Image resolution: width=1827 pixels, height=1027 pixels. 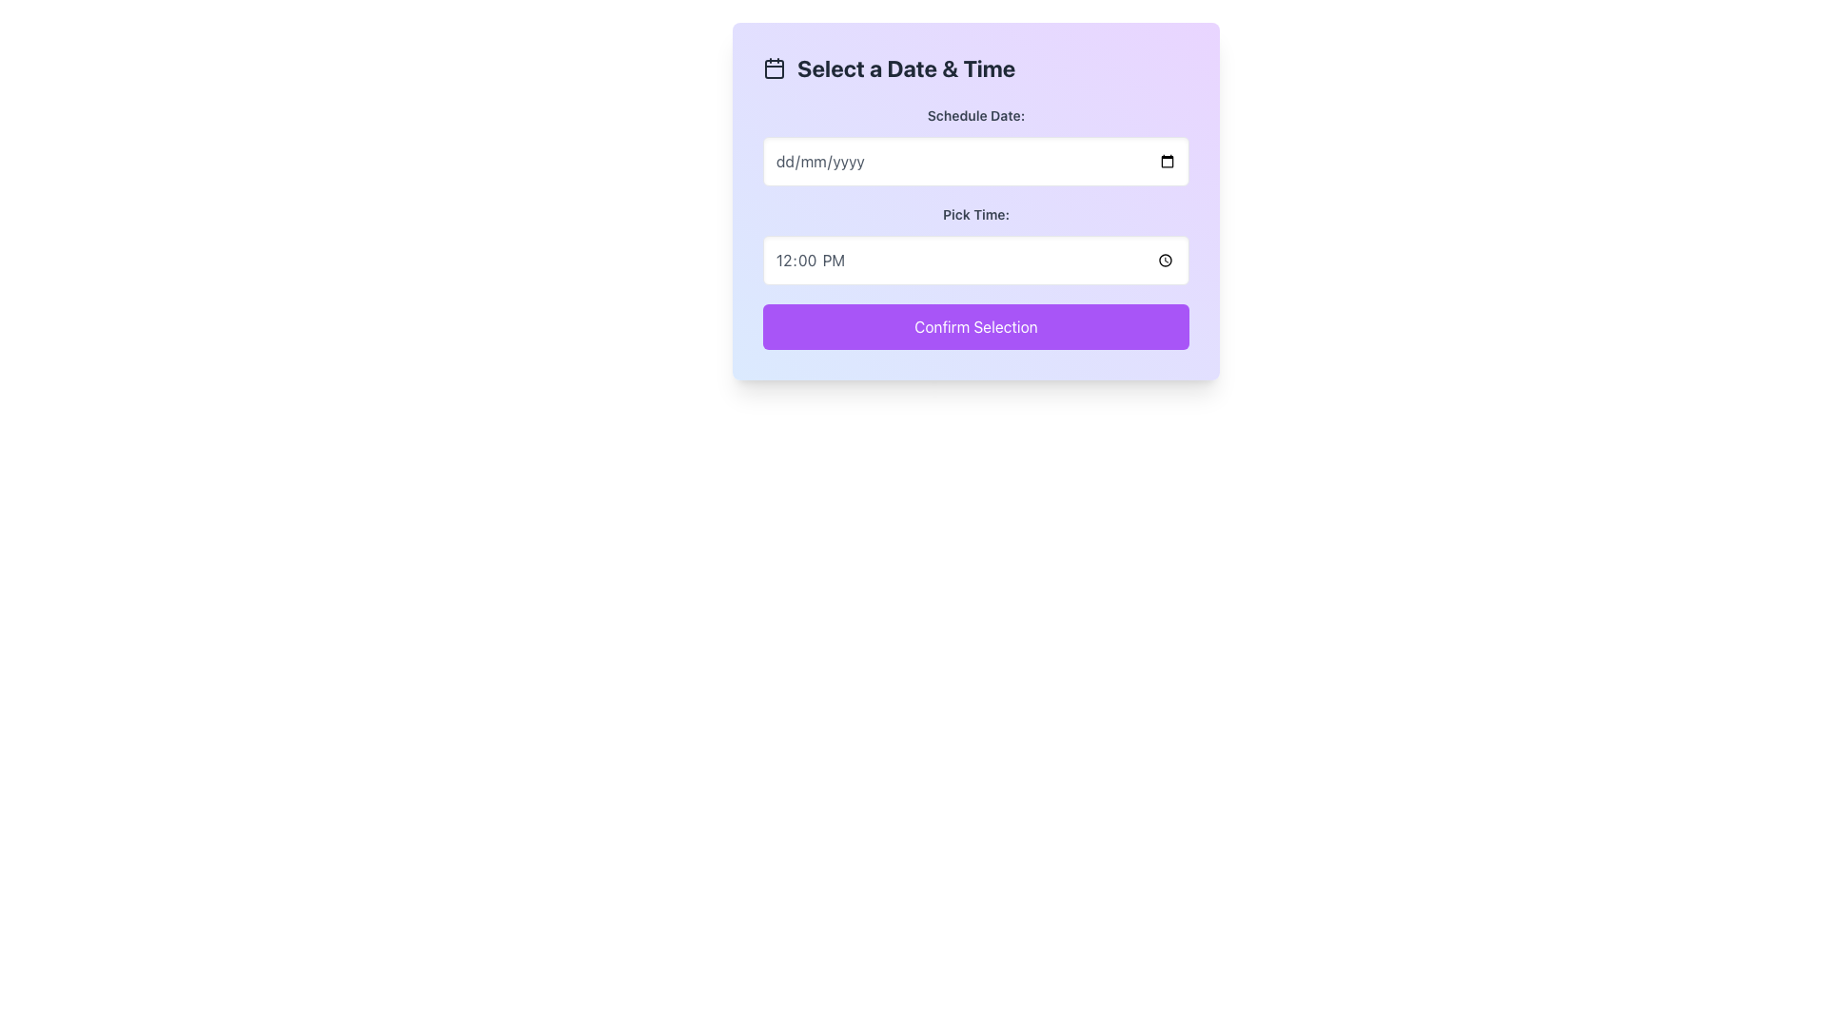 What do you see at coordinates (775, 68) in the screenshot?
I see `the rounded rectangular feature within the calendar icon that is located to the left of the 'Select a Date & Time' title in the upper central section of the interface` at bounding box center [775, 68].